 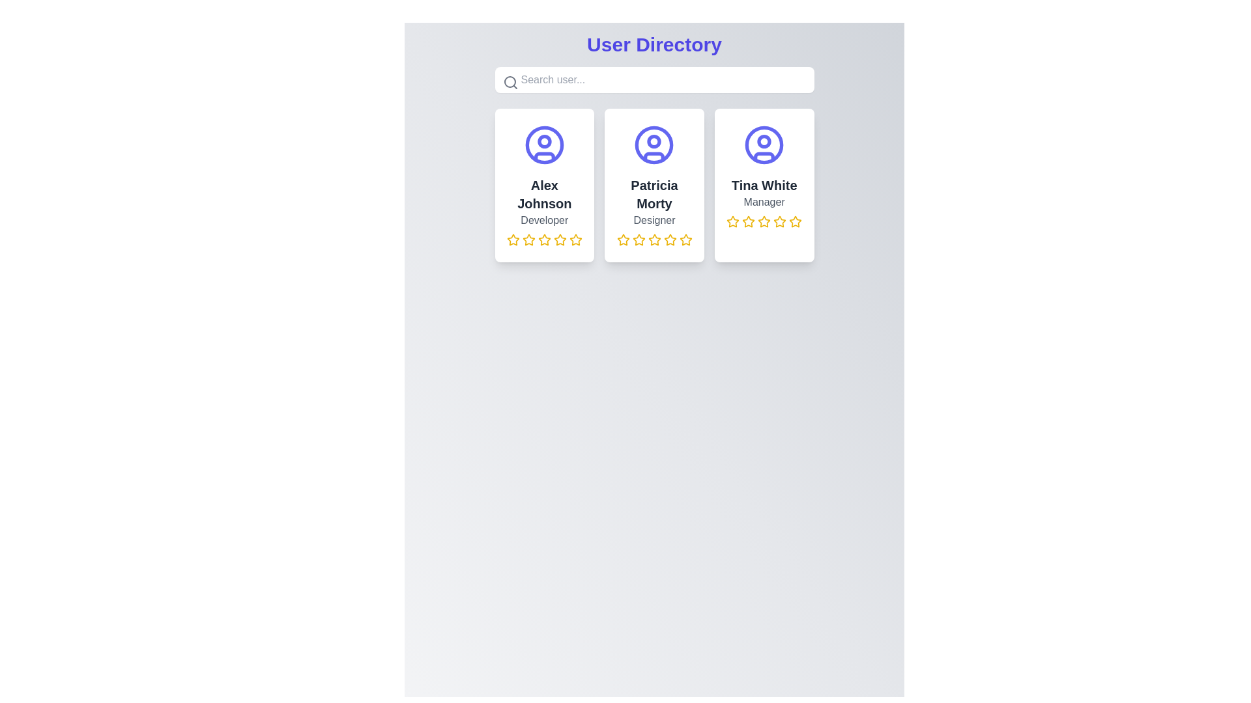 What do you see at coordinates (733, 221) in the screenshot?
I see `the first star in the five-star rating system located at the bottom of Tina White's profile card to rate` at bounding box center [733, 221].